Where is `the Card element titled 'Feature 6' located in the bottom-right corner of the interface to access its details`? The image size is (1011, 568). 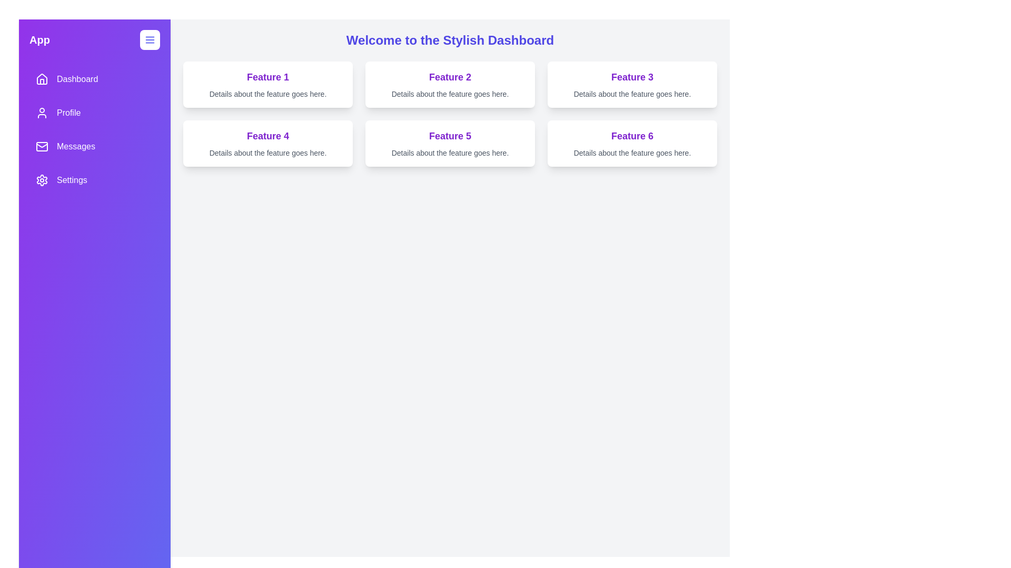 the Card element titled 'Feature 6' located in the bottom-right corner of the interface to access its details is located at coordinates (632, 144).